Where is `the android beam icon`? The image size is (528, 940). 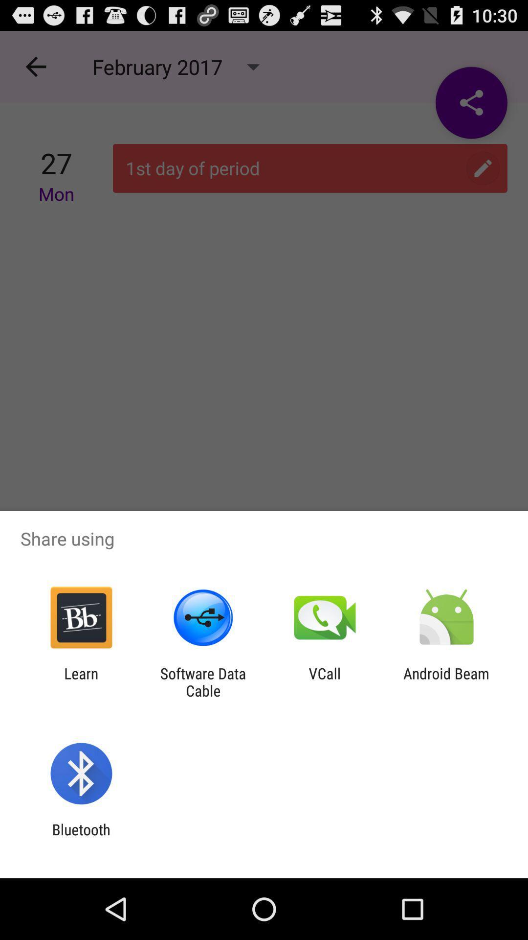 the android beam icon is located at coordinates (446, 681).